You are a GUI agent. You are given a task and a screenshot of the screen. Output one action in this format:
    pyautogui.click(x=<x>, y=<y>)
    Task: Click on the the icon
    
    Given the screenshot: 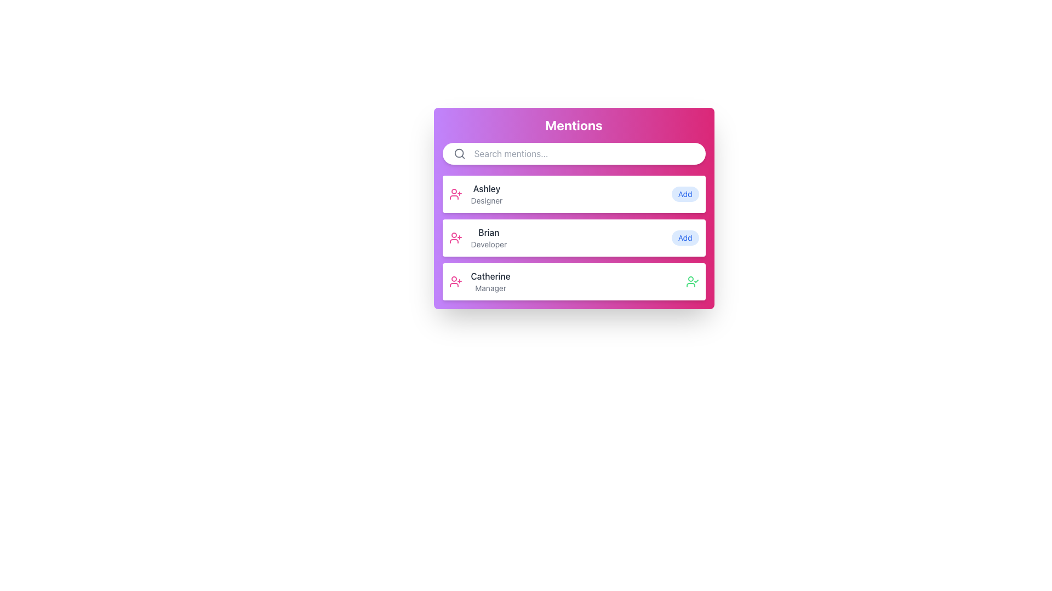 What is the action you would take?
    pyautogui.click(x=455, y=281)
    